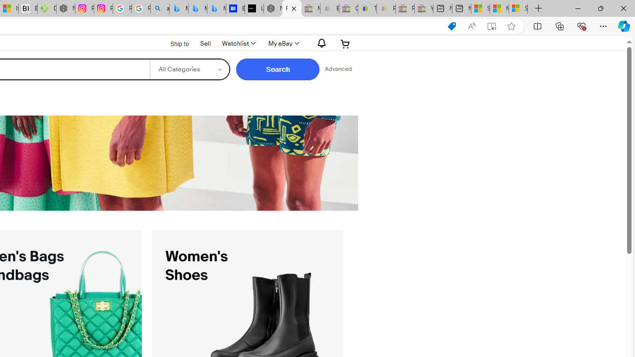  What do you see at coordinates (282, 43) in the screenshot?
I see `'My eBay'` at bounding box center [282, 43].